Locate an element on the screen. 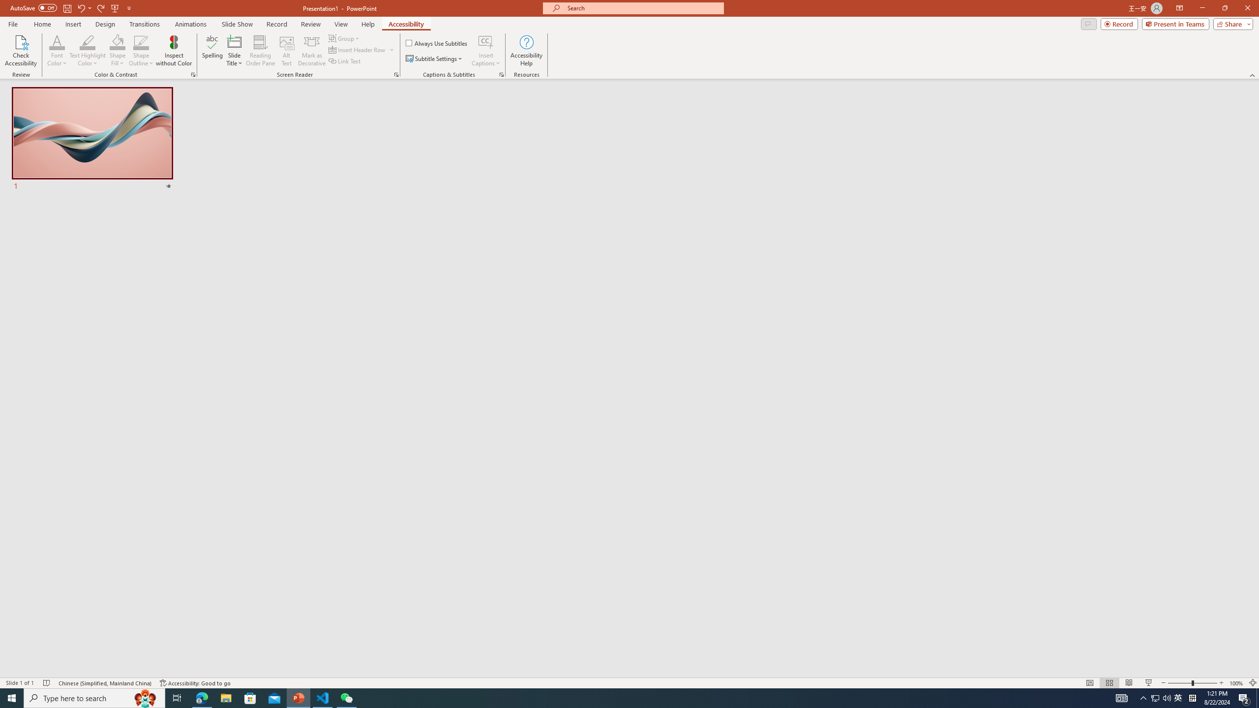 This screenshot has height=708, width=1259. 'Shape Fill Orange, Accent 2' is located at coordinates (118, 41).